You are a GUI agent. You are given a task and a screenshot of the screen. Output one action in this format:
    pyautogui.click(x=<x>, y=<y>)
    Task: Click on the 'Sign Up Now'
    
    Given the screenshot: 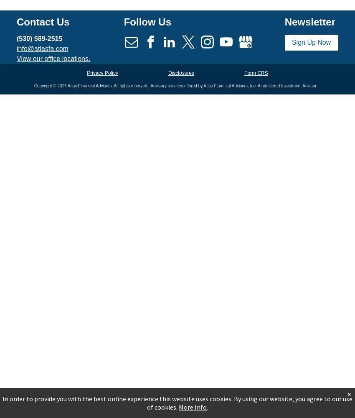 What is the action you would take?
    pyautogui.click(x=311, y=41)
    